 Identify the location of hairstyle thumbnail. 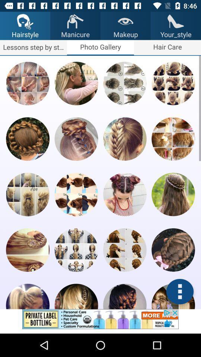
(173, 194).